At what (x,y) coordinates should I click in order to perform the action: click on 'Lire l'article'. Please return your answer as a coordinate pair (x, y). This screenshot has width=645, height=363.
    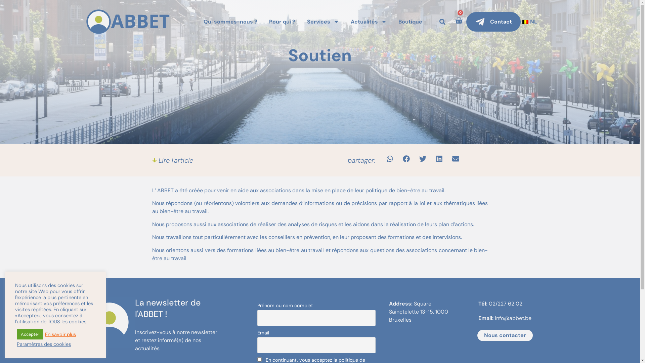
    Looking at the image, I should click on (172, 160).